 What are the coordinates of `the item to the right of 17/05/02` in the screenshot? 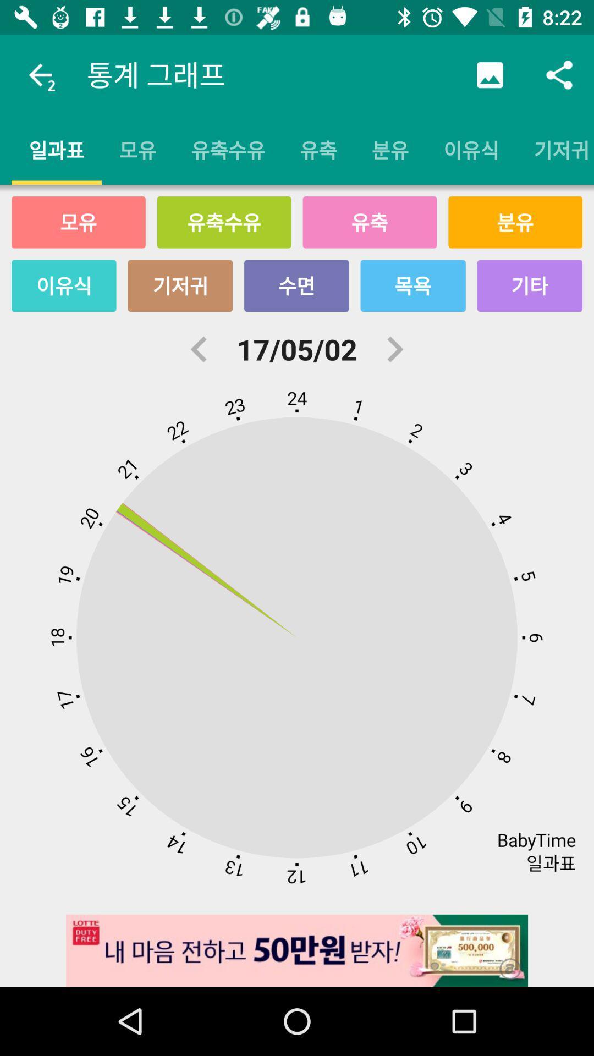 It's located at (394, 349).